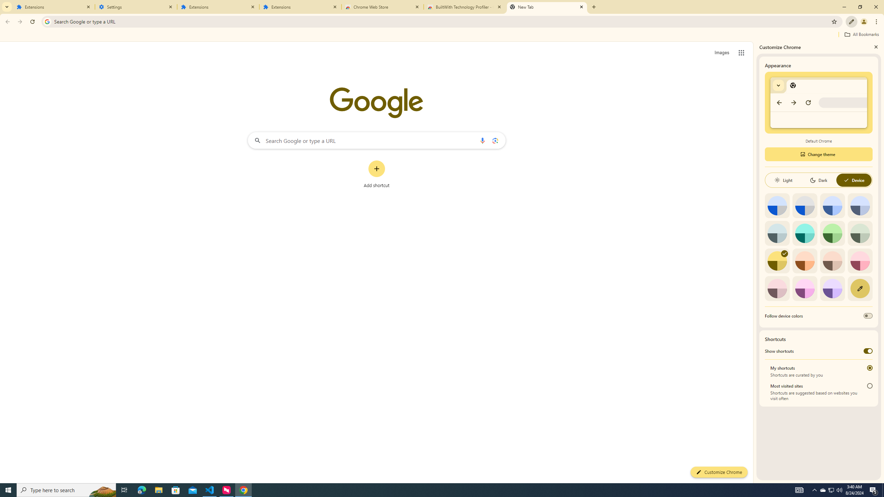 This screenshot has width=884, height=497. Describe the element at coordinates (376, 140) in the screenshot. I see `'Search Google or type a URL'` at that location.